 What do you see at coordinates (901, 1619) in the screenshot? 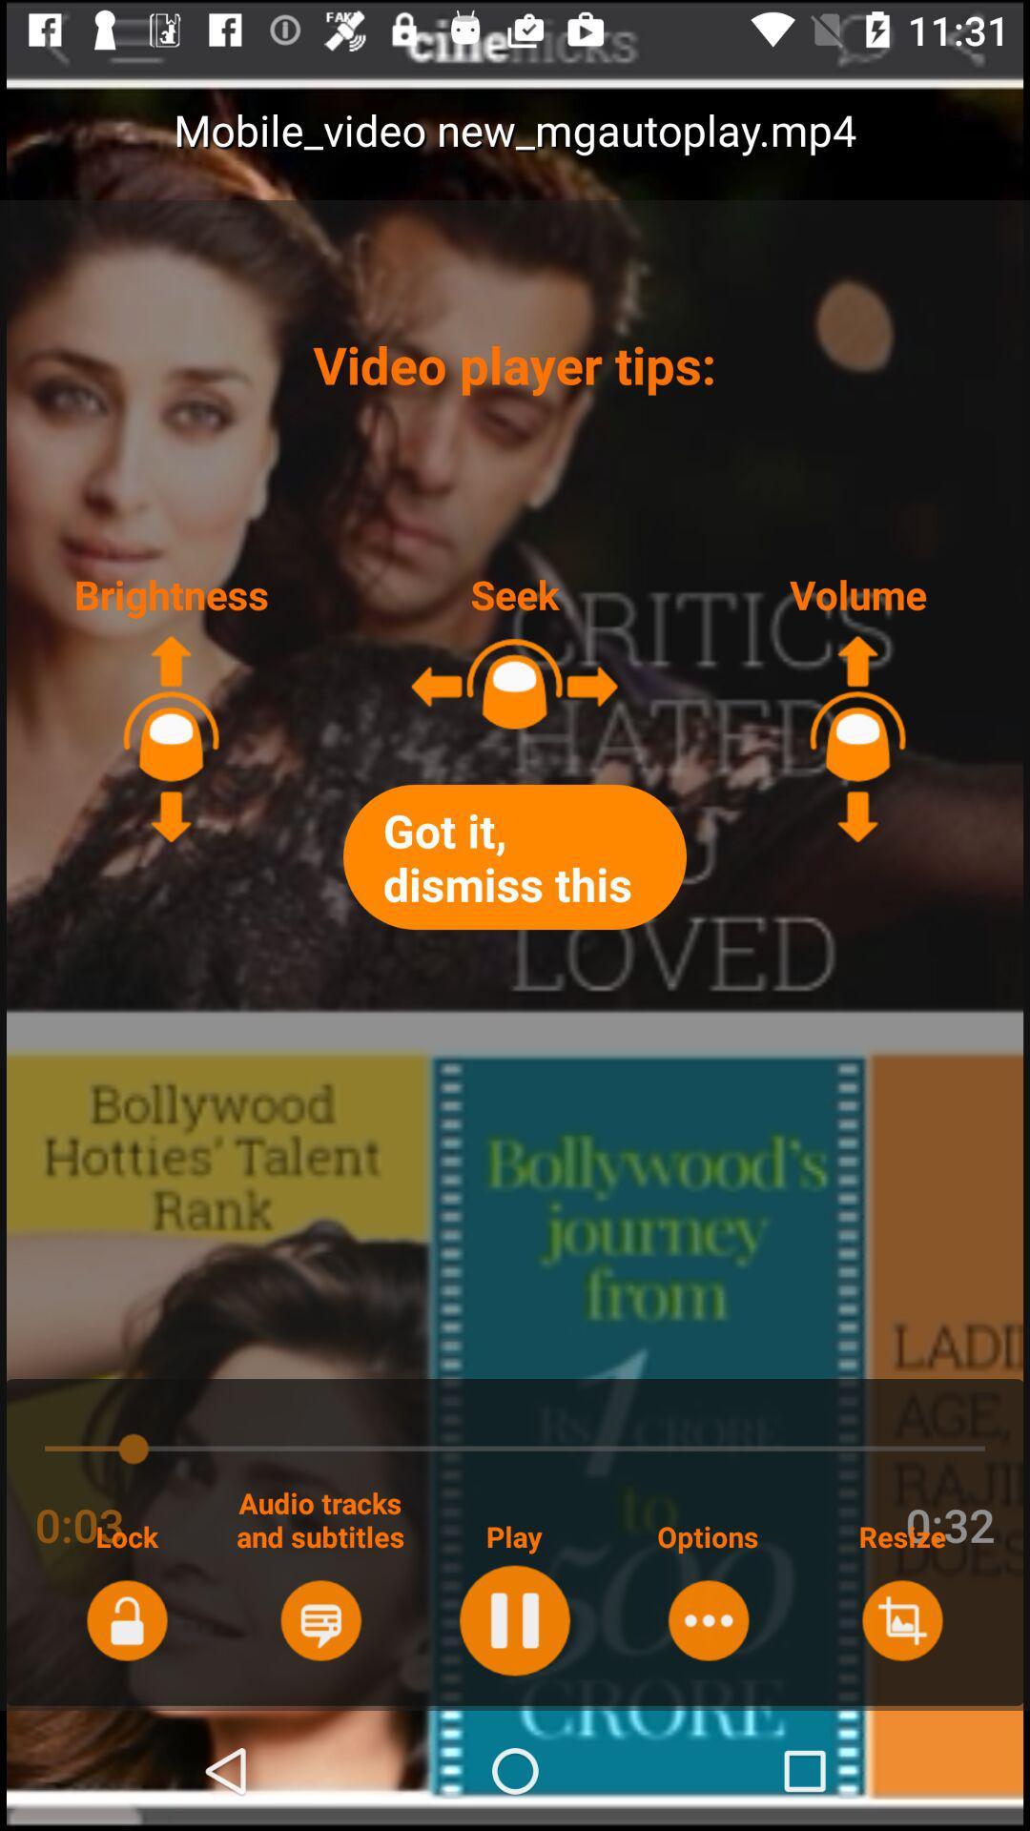
I see `resize` at bounding box center [901, 1619].